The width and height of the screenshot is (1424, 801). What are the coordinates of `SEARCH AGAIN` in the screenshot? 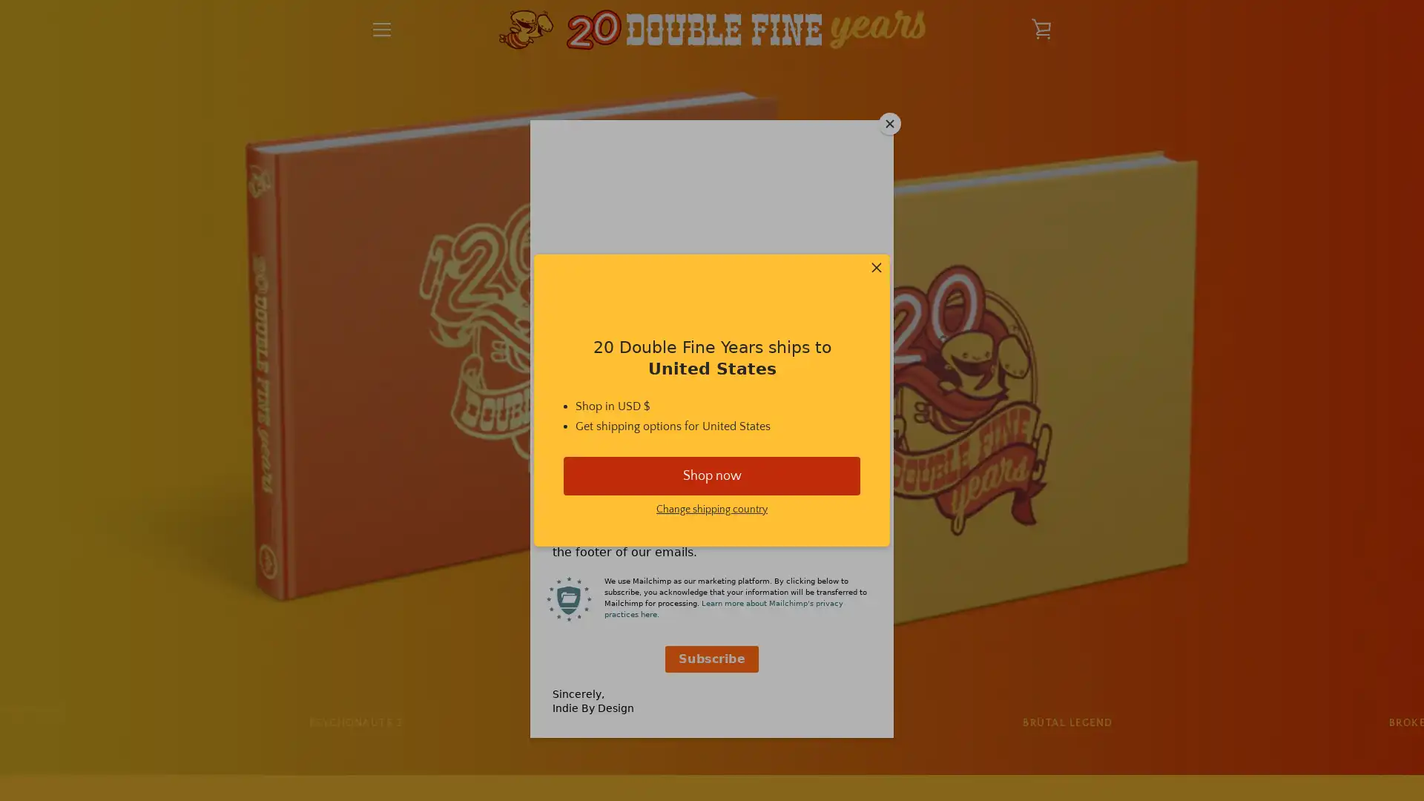 It's located at (782, 584).